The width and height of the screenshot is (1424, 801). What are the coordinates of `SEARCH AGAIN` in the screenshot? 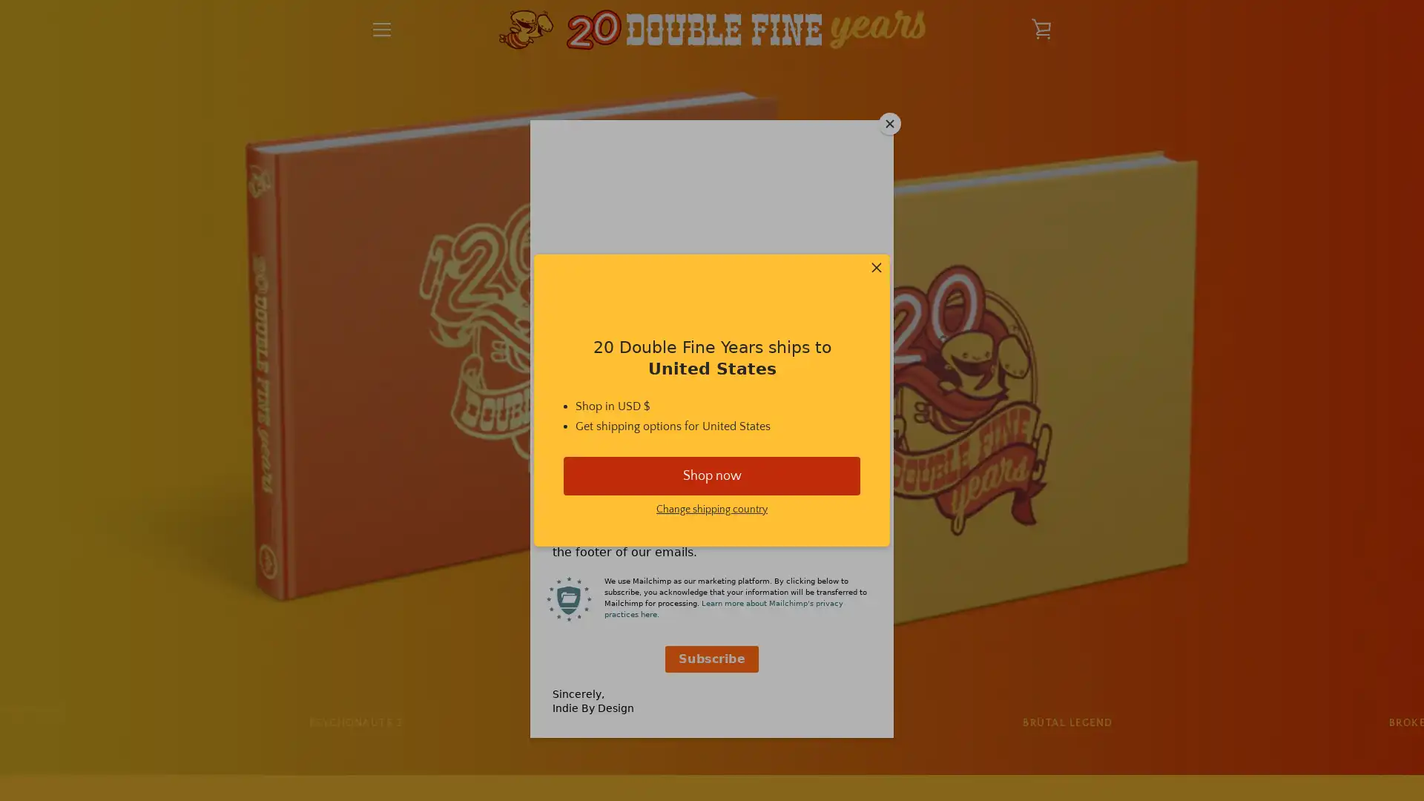 It's located at (782, 584).